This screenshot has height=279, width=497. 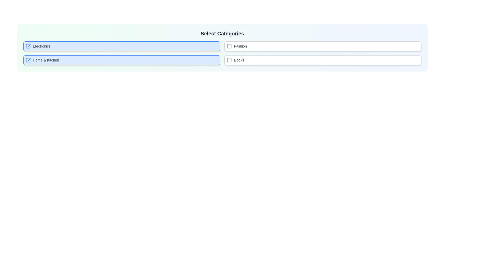 What do you see at coordinates (121, 60) in the screenshot?
I see `the 'Home & Kitchen' selectable category button to focus on it` at bounding box center [121, 60].